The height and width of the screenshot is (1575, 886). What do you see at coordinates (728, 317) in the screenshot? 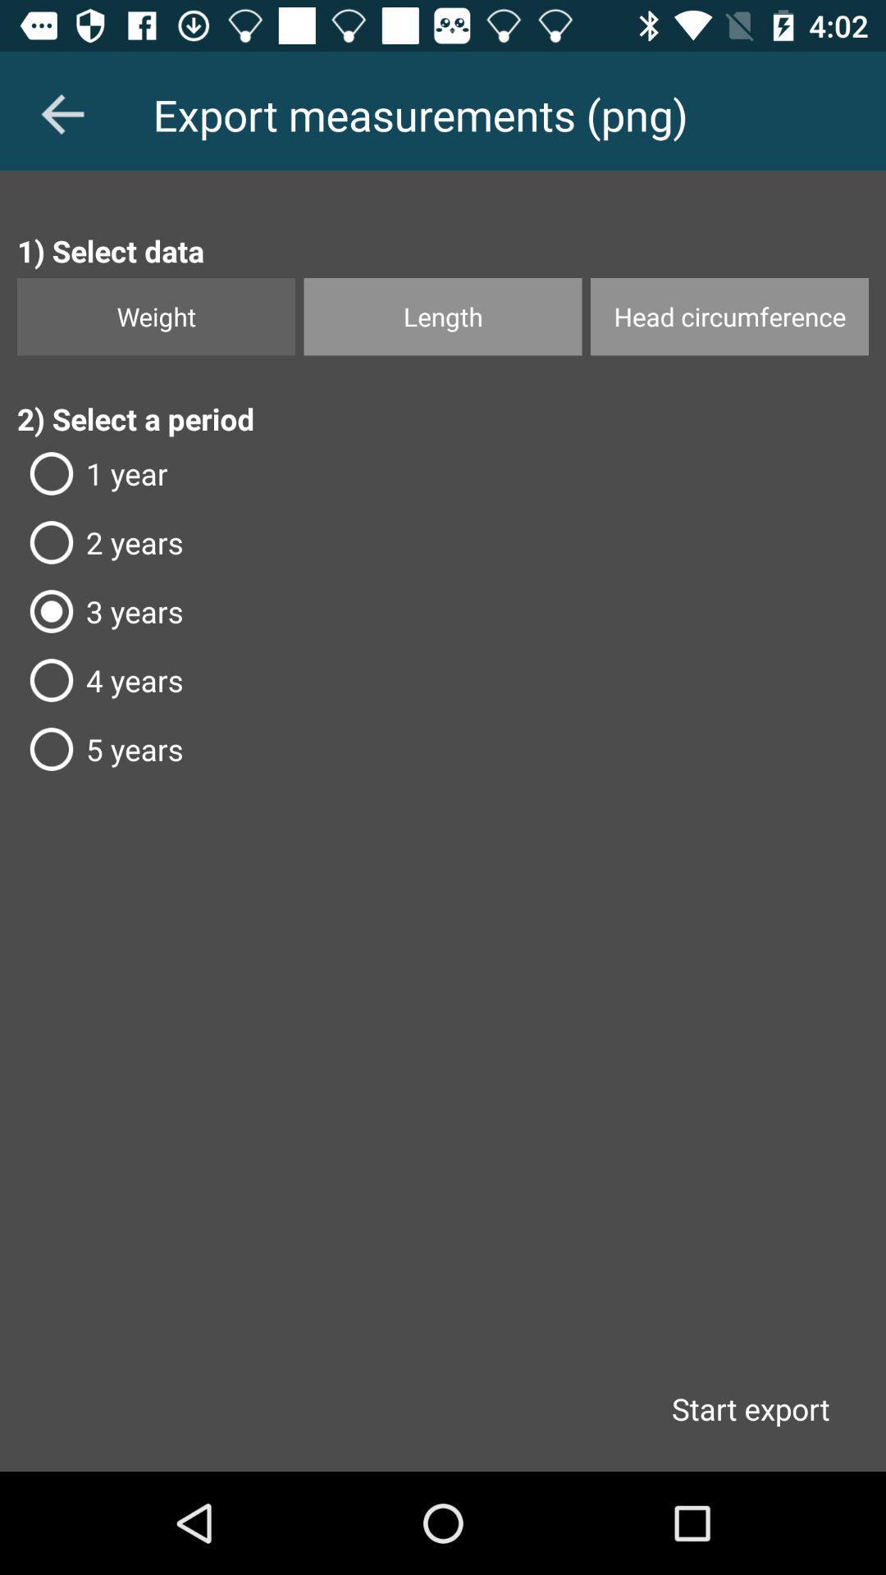
I see `the item next to the length icon` at bounding box center [728, 317].